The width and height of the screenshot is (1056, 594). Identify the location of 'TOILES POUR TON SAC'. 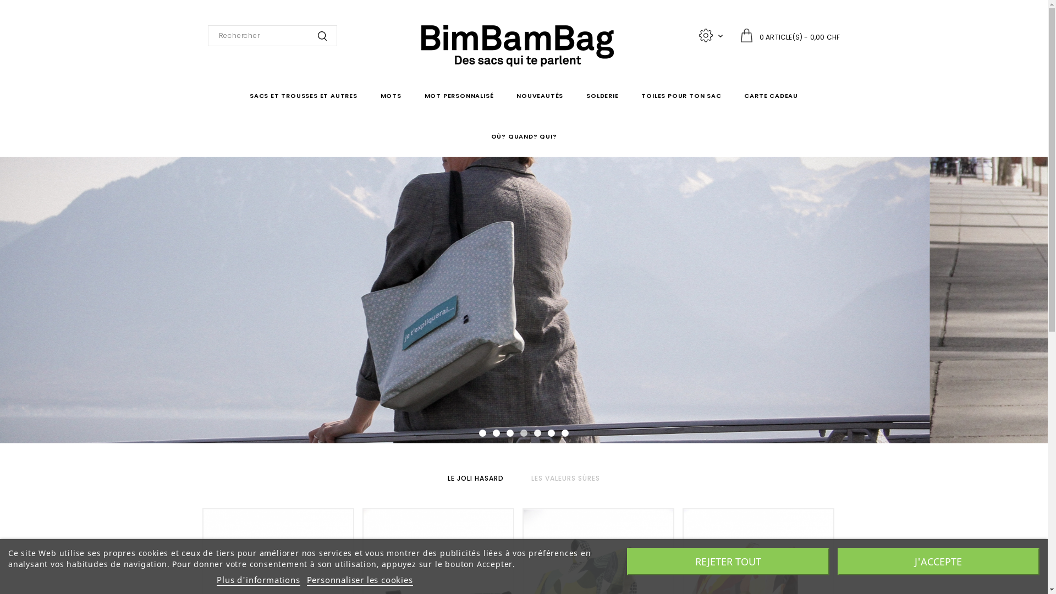
(680, 95).